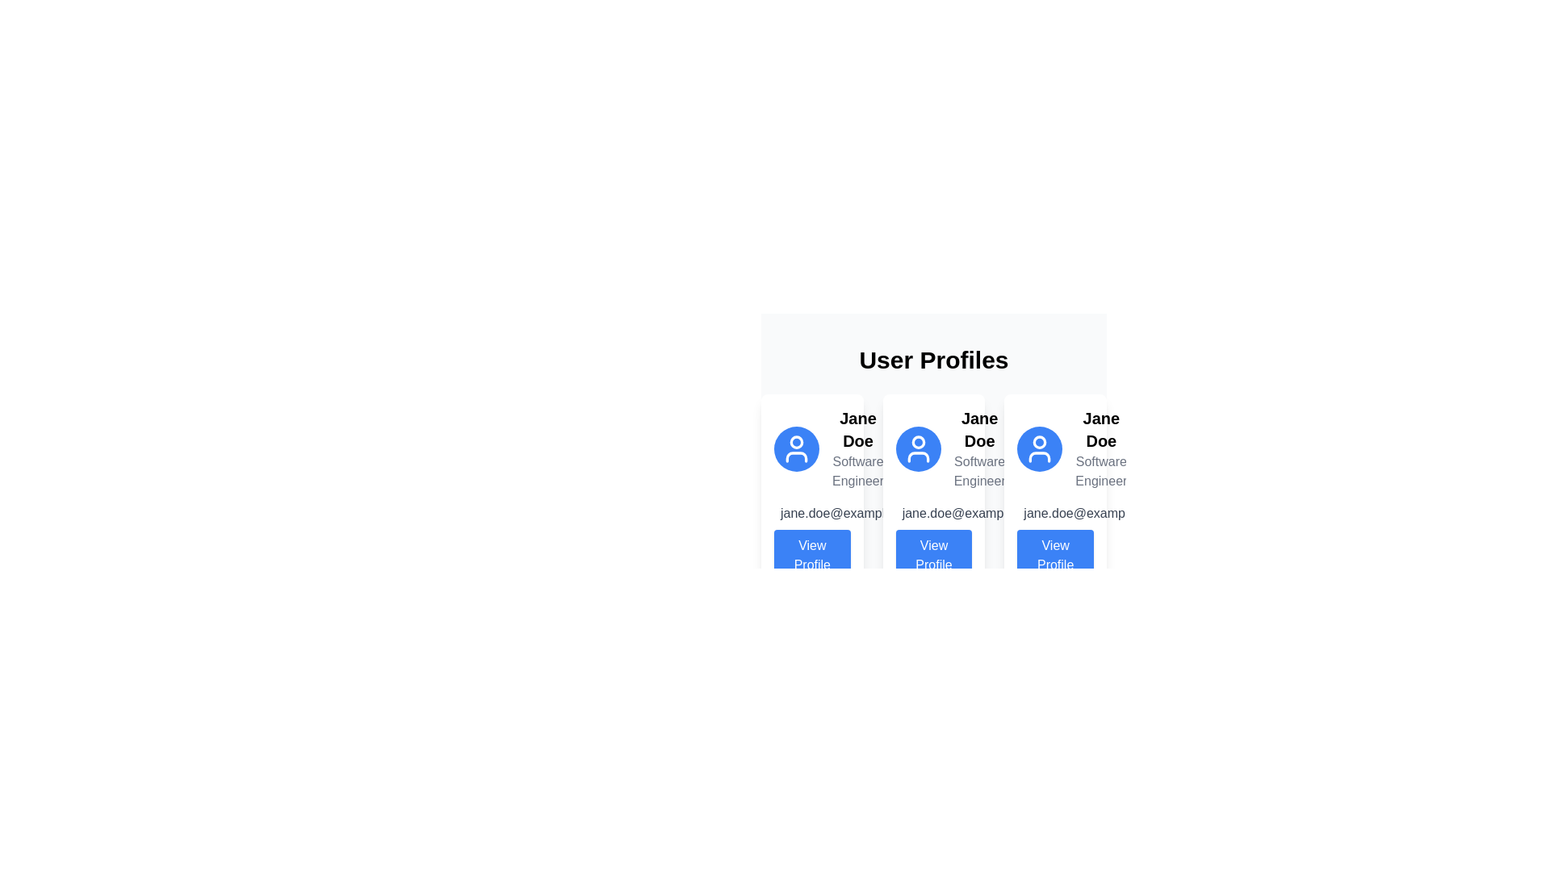 Image resolution: width=1550 pixels, height=871 pixels. I want to click on the 'View Profile' button with a bright blue background and white text located at the bottom of Jane Doe's user profile card, so click(933, 555).